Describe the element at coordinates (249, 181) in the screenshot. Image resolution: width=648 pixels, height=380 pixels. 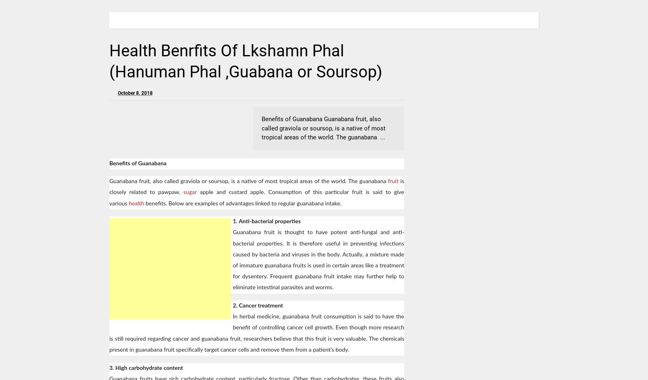
I see `'Guanabana fruit, also called graviola or soursop, is a native of most tropical areas of the world. The guanabana'` at that location.